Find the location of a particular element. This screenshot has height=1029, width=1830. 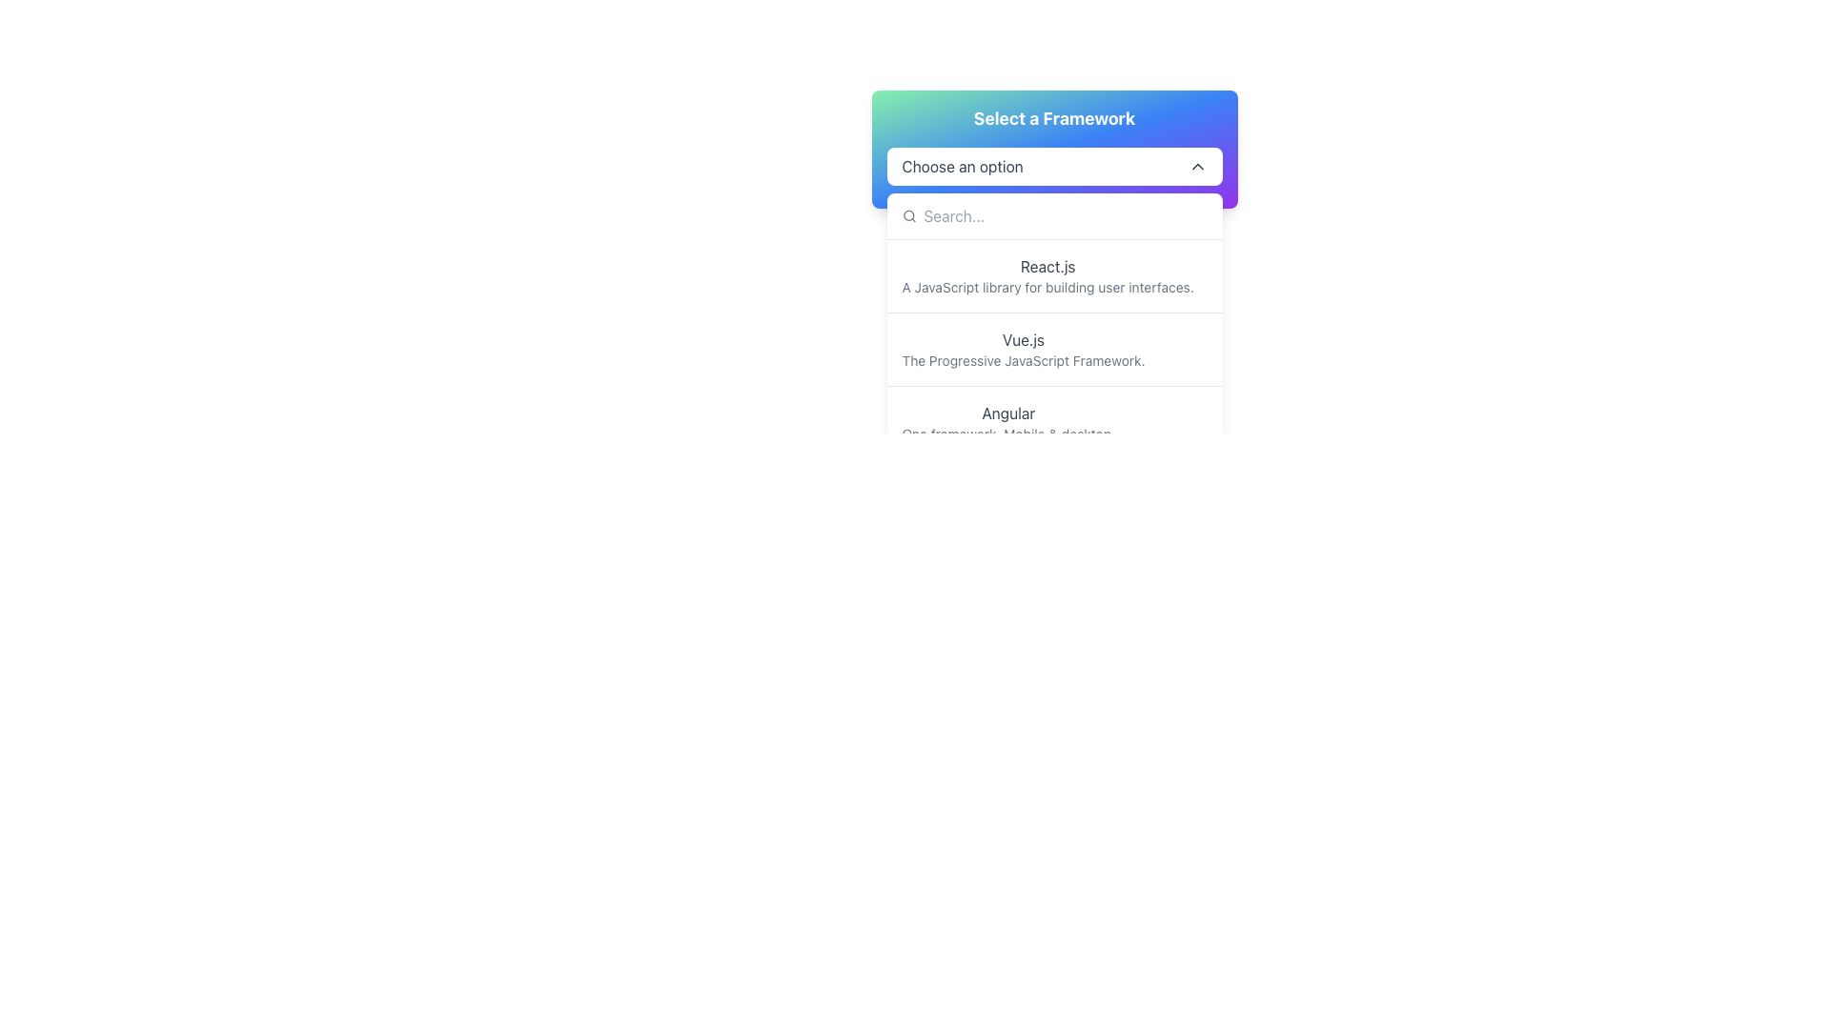

the second option in the dropdown menu labeled 'Vue.js' is located at coordinates (1023, 349).